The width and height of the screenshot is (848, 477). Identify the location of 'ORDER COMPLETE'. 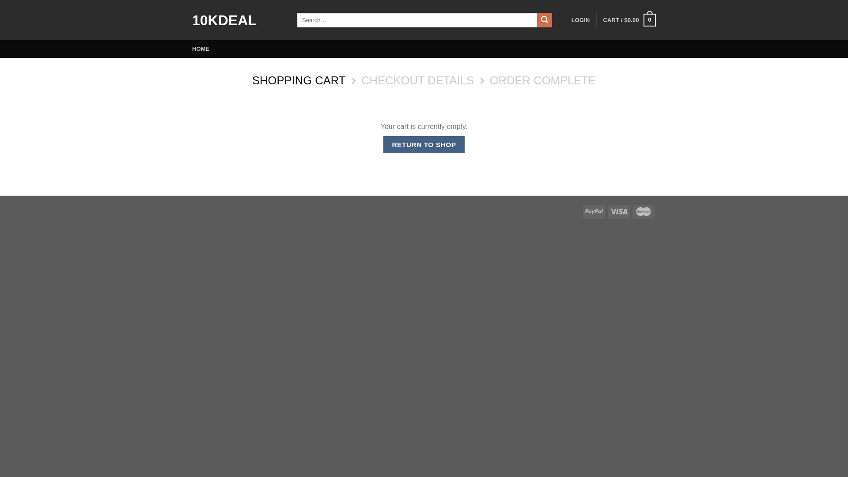
(542, 80).